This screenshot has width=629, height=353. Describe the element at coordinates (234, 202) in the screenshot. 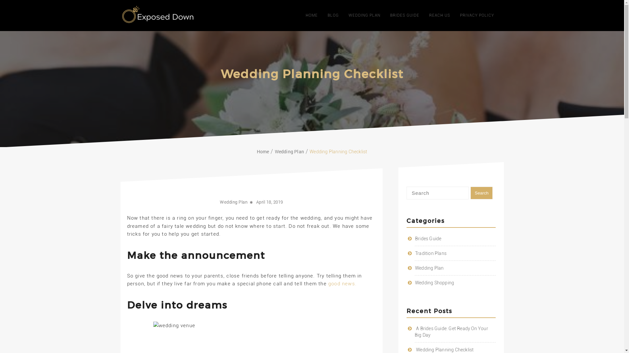

I see `'Wedding Plan'` at that location.